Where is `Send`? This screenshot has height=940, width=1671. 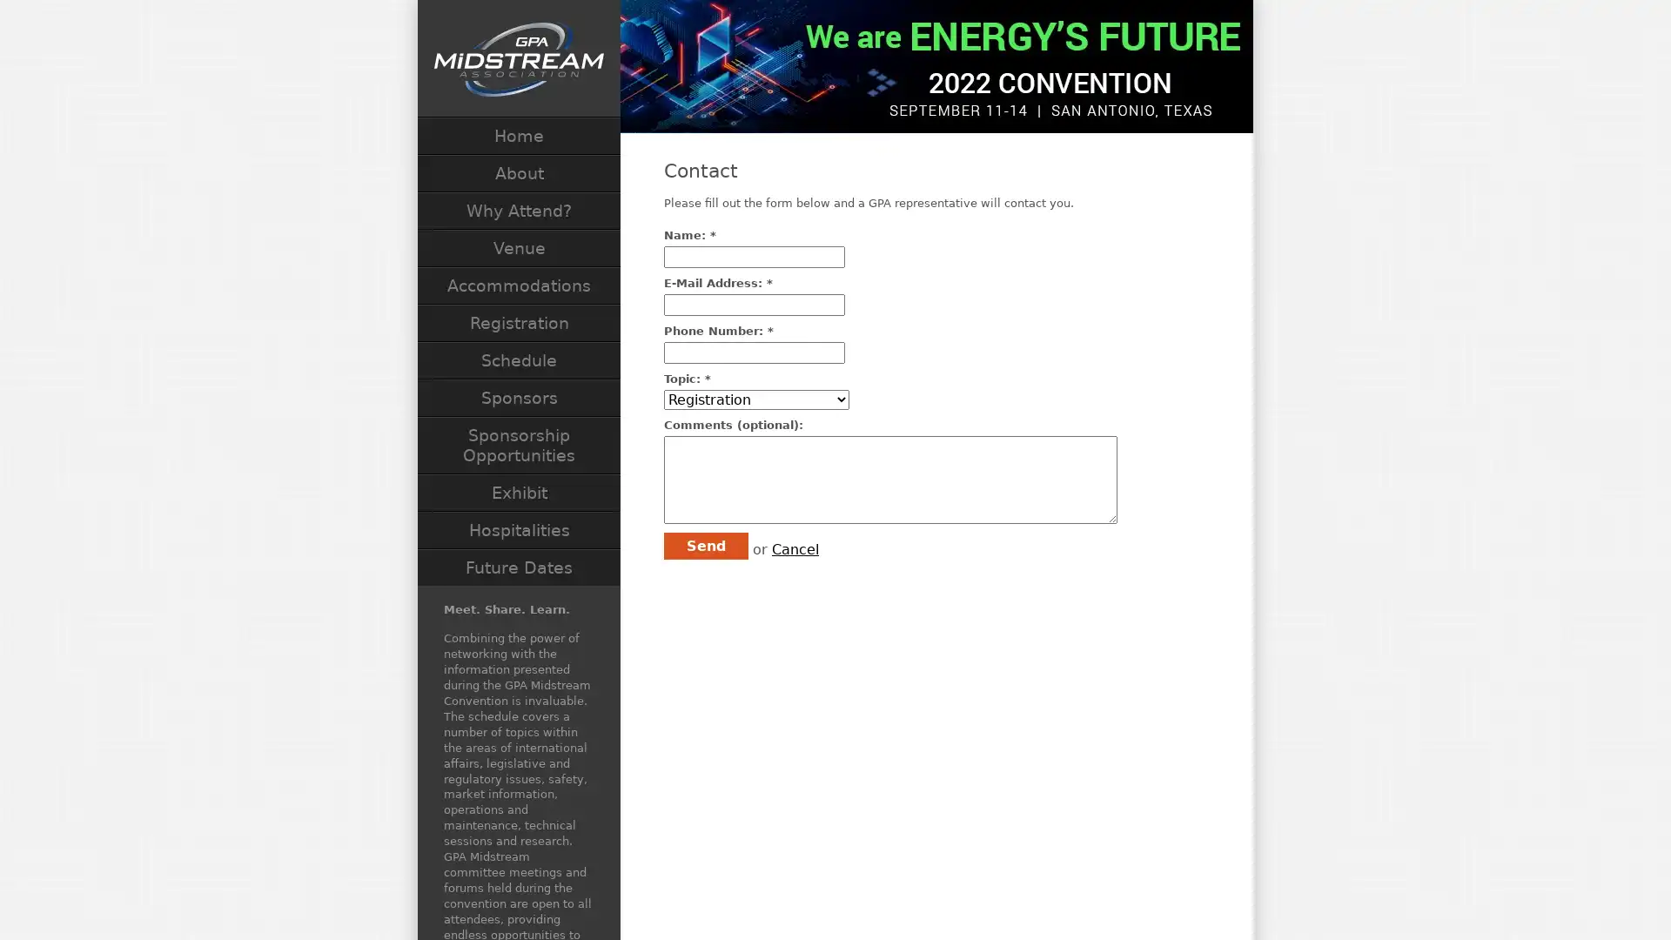 Send is located at coordinates (706, 544).